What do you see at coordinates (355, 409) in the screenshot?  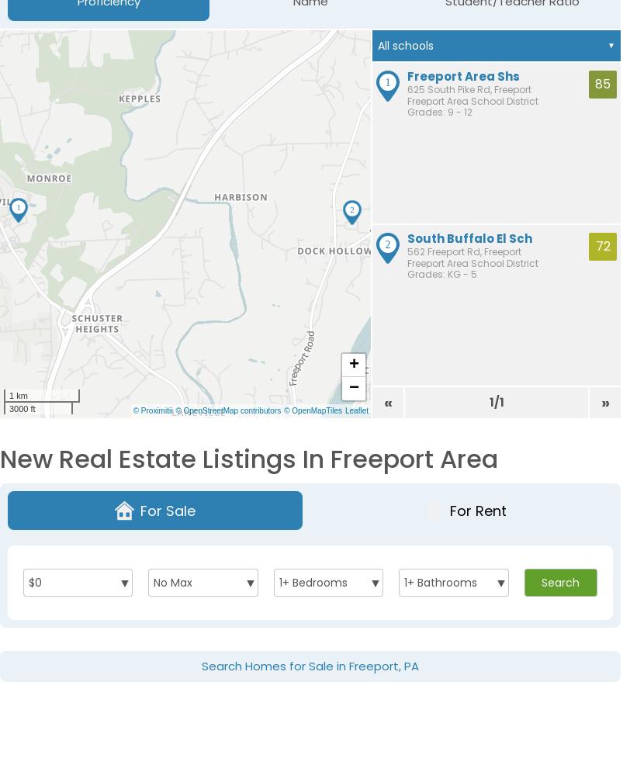 I see `'Leaflet'` at bounding box center [355, 409].